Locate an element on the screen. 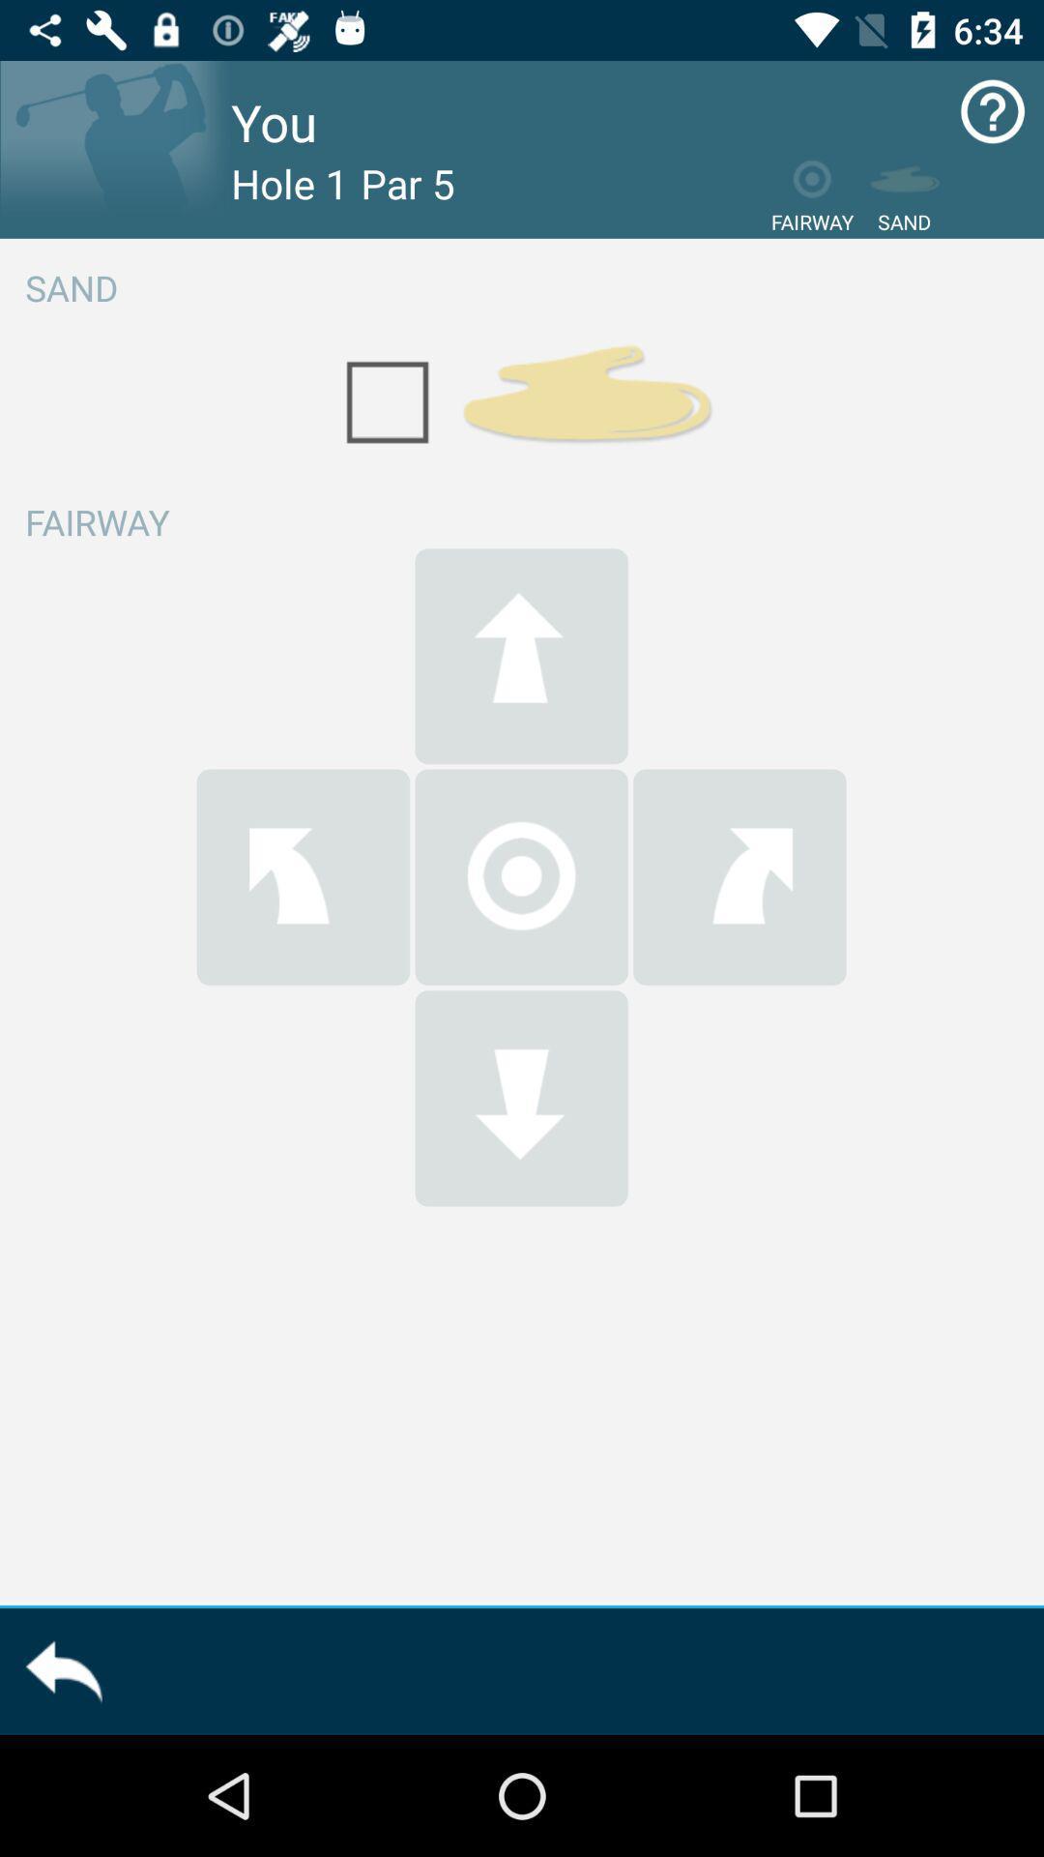 This screenshot has height=1857, width=1044. the reply icon is located at coordinates (62, 1670).